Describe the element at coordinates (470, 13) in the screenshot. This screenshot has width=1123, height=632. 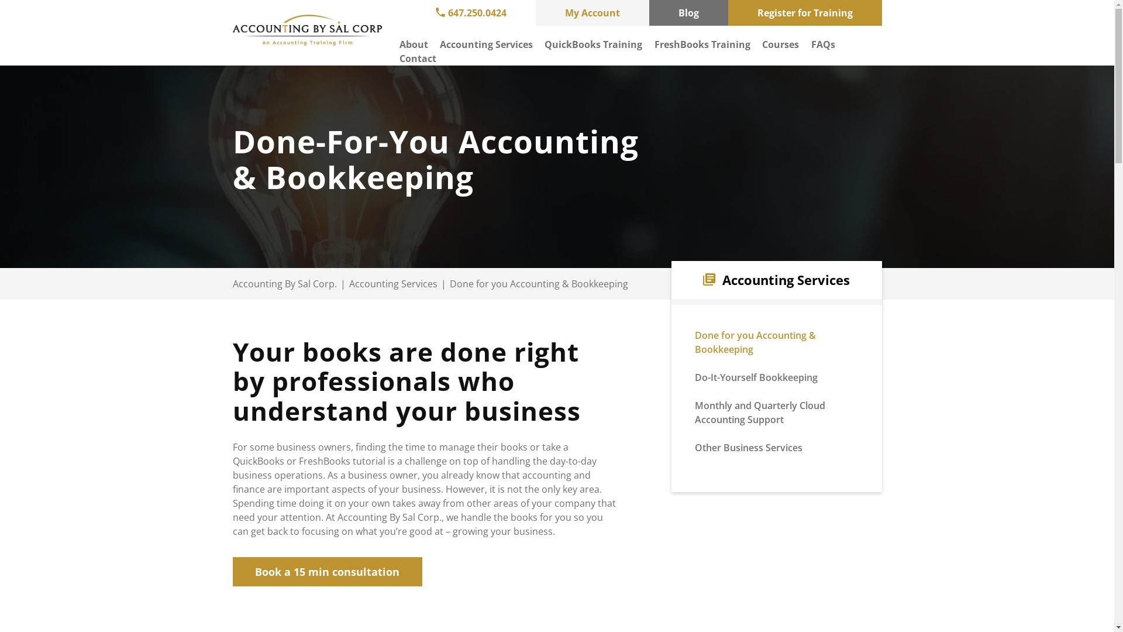
I see `'647.250.0424'` at that location.